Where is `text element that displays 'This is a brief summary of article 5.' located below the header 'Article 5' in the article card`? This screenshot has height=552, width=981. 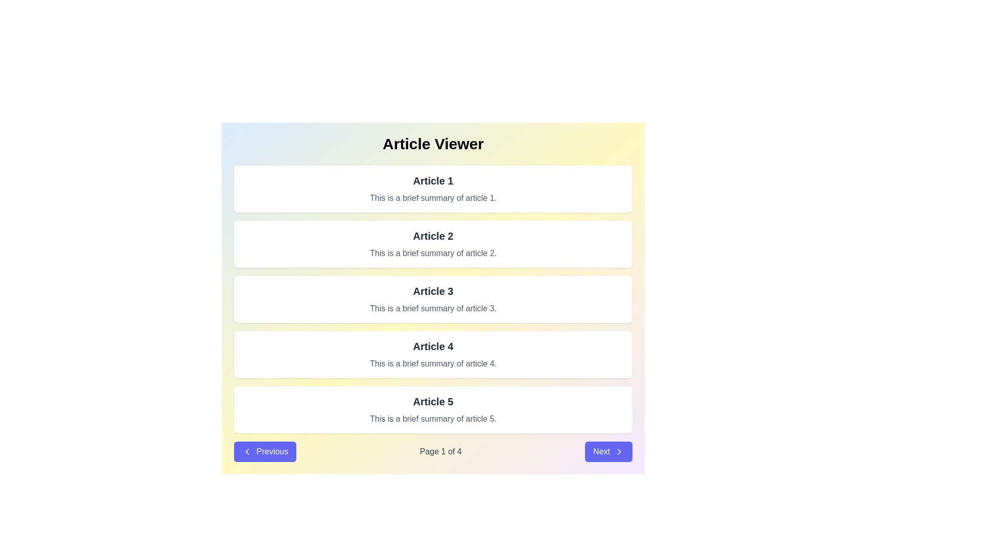
text element that displays 'This is a brief summary of article 5.' located below the header 'Article 5' in the article card is located at coordinates (433, 419).